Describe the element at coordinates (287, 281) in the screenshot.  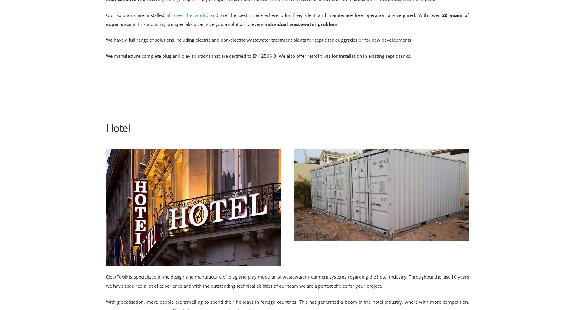
I see `'ClearFox® is specialized in the design and manufacture of plug and play modular of wastewater treatment systems regarding the hotel industry. Throughout the last 10 years we have acquired a lot of experience and with the outstanding technical abilities of our team we are a perfect choice for your project.'` at that location.